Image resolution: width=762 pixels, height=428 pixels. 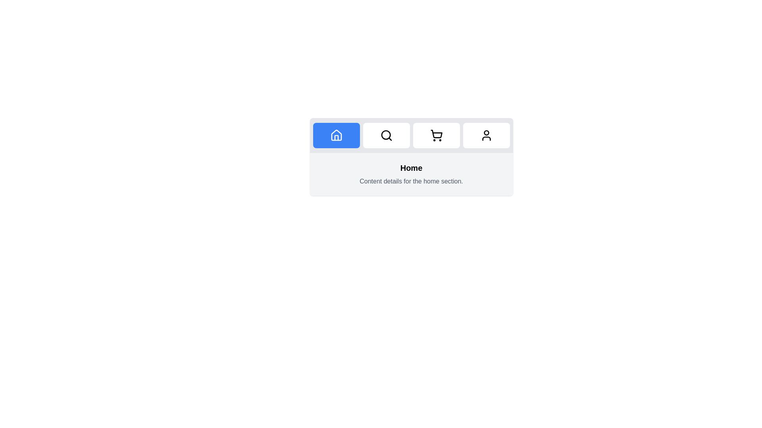 What do you see at coordinates (436, 135) in the screenshot?
I see `the shopping cart button, which is the third button in a row of four, to trigger any hover effects or tooltips` at bounding box center [436, 135].